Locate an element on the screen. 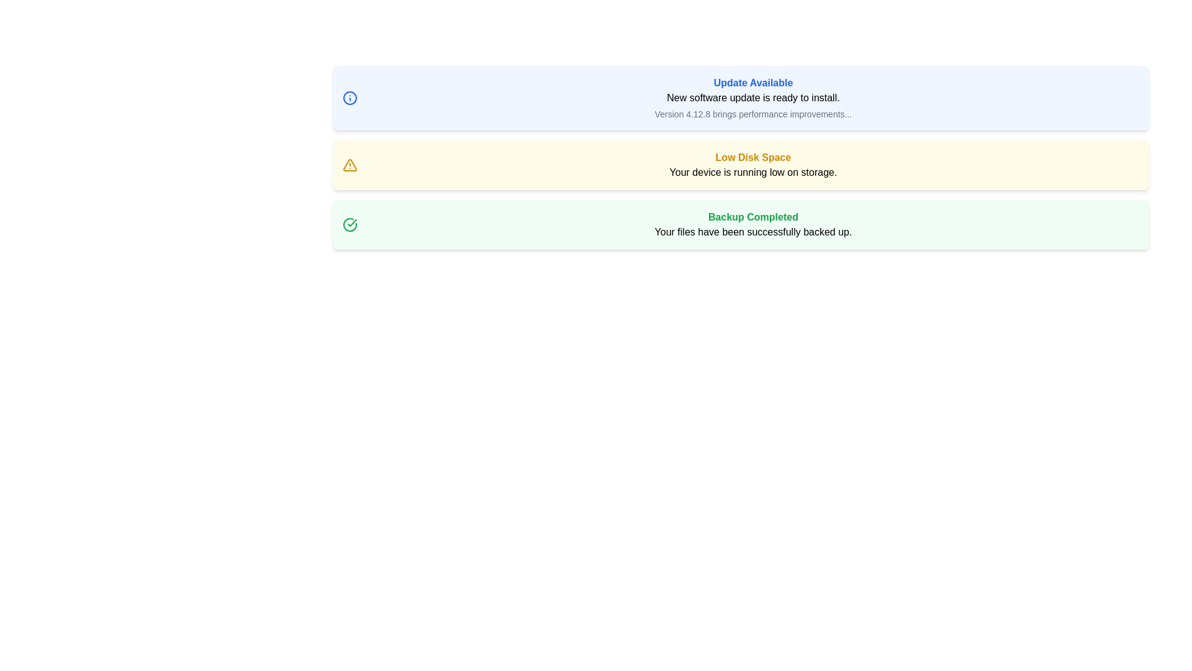 The image size is (1192, 671). the success indicator icon located to the left of the 'Backup Completed' alert box, which is highlighted in green and is the last alert in the vertical stack is located at coordinates (350, 225).